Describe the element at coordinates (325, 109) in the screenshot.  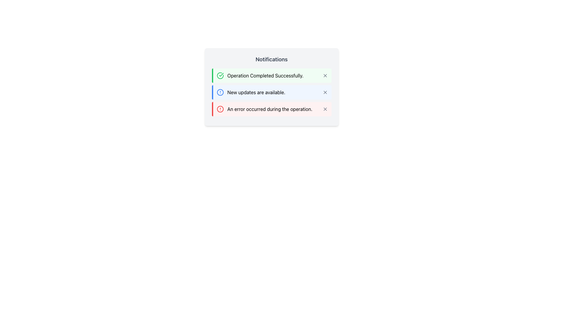
I see `the small diagonal cross ("X") icon in the bottom-right corner of the third notification card` at that location.